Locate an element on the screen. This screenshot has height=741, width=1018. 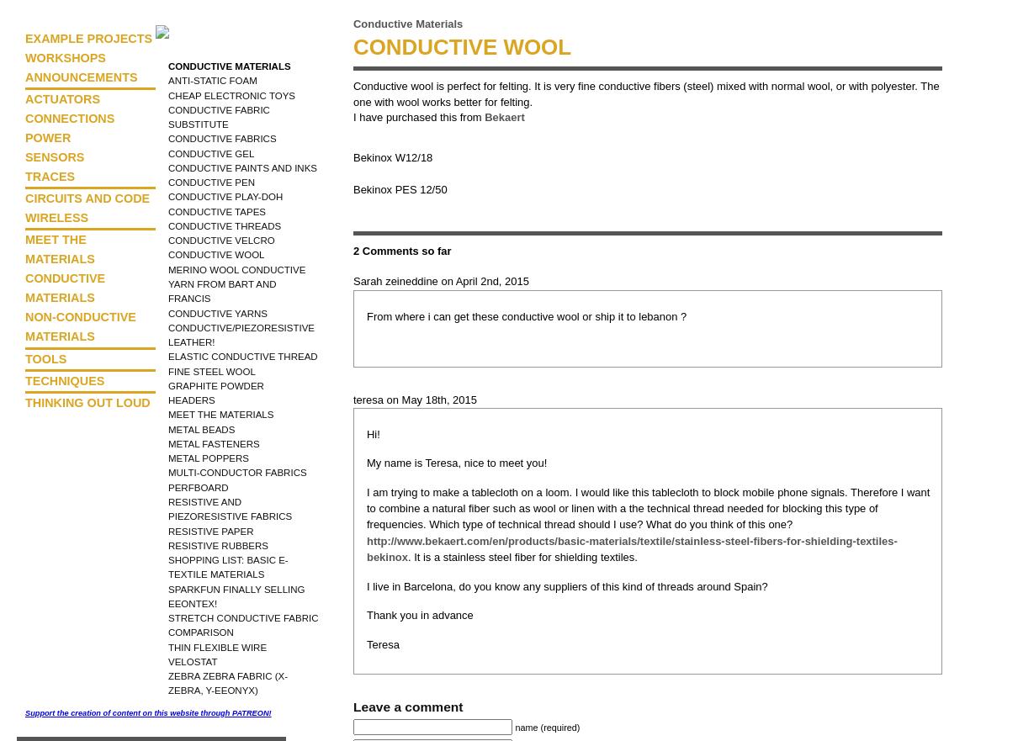
'http://www.bekaert.com/en/products/basic-materials/textile/stainless-steel-fibers-for-shielding-textiles-bekinox' is located at coordinates (365, 548).